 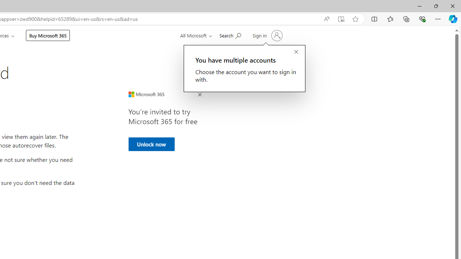 What do you see at coordinates (200, 95) in the screenshot?
I see `'Close Ad'` at bounding box center [200, 95].